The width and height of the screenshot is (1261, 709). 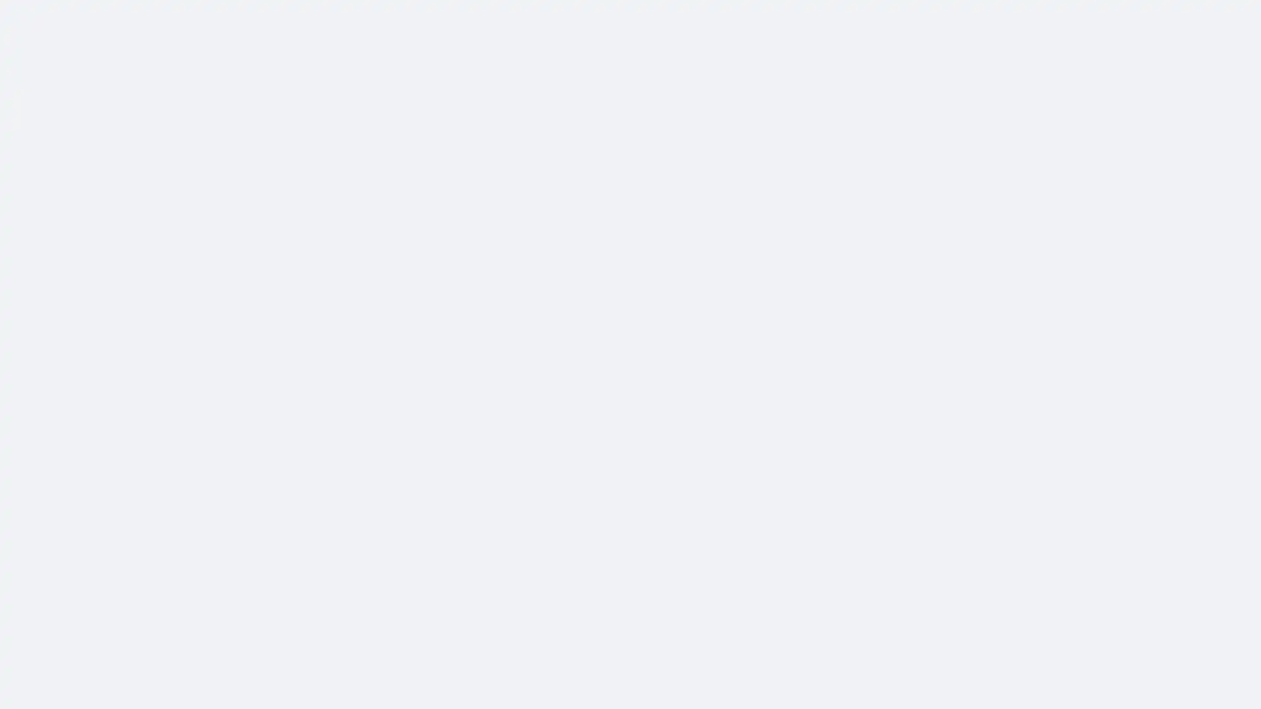 What do you see at coordinates (856, 511) in the screenshot?
I see `Share` at bounding box center [856, 511].